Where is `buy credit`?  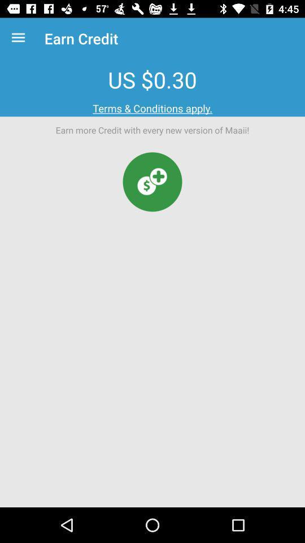 buy credit is located at coordinates (152, 182).